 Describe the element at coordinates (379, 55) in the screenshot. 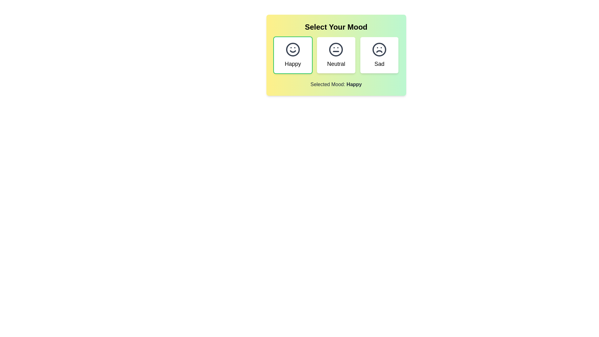

I see `the 'Sad' mood choice card button to observe the scaling animation in the mood selection interface` at that location.